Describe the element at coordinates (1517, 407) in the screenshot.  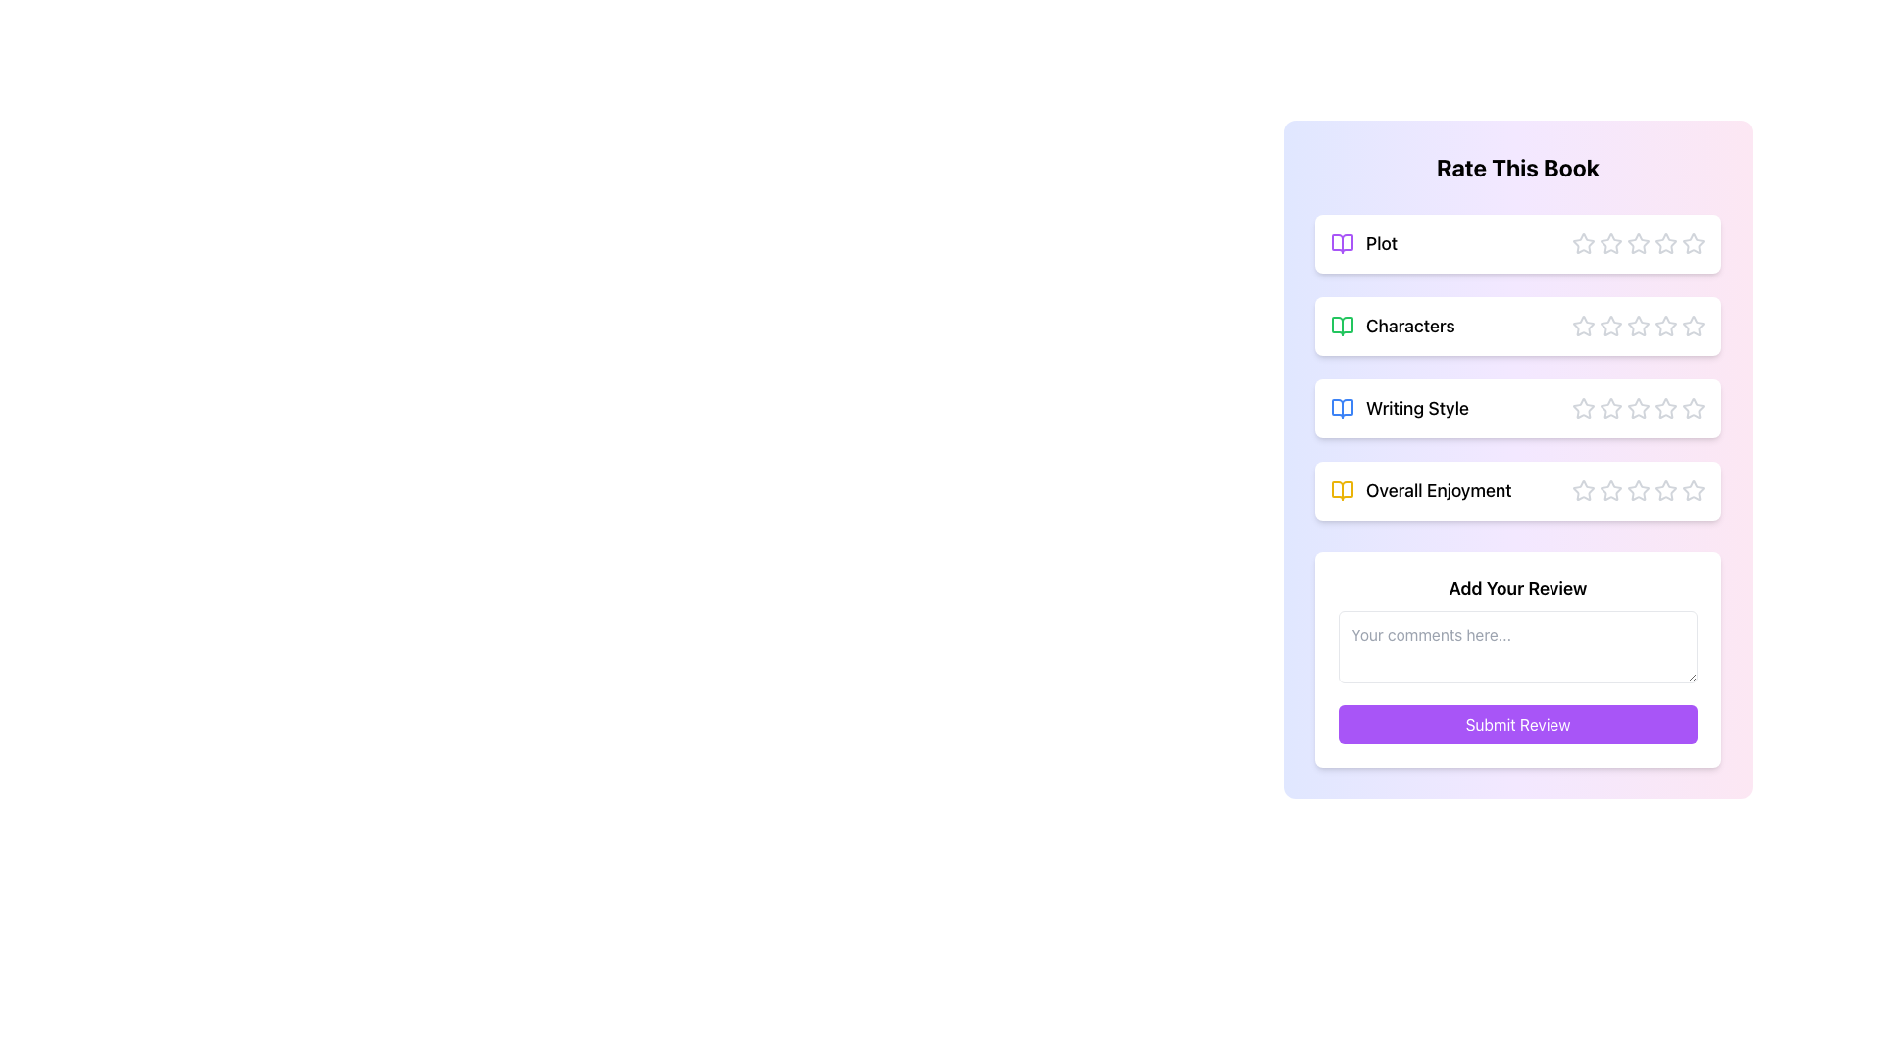
I see `the five gray stars in the 'Writing Style' rating component` at that location.